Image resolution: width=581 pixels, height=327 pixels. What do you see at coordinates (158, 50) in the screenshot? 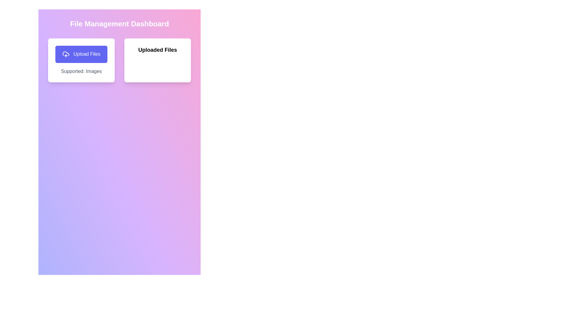
I see `the 'Uploaded Files' text label, which is displayed in bold and centrally aligned within the right card of the interface` at bounding box center [158, 50].